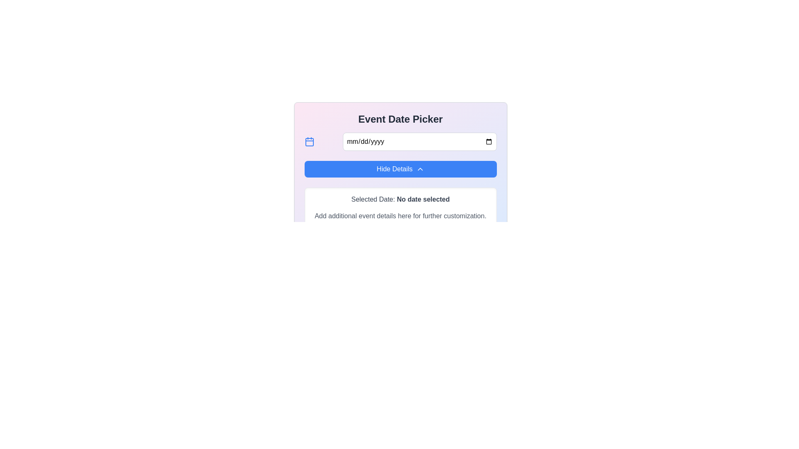  Describe the element at coordinates (420, 169) in the screenshot. I see `the small upward-pointing chevron arrow icon with a blue background located within the 'Hide Details' button` at that location.